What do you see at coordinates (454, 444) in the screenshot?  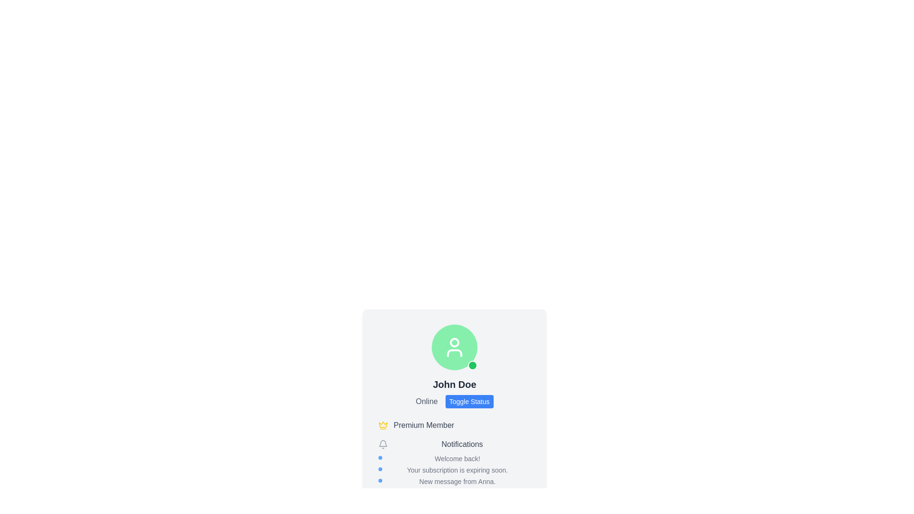 I see `the notifications section header label with icon, which is located below the 'Premium Member' text and above the list of notifications` at bounding box center [454, 444].